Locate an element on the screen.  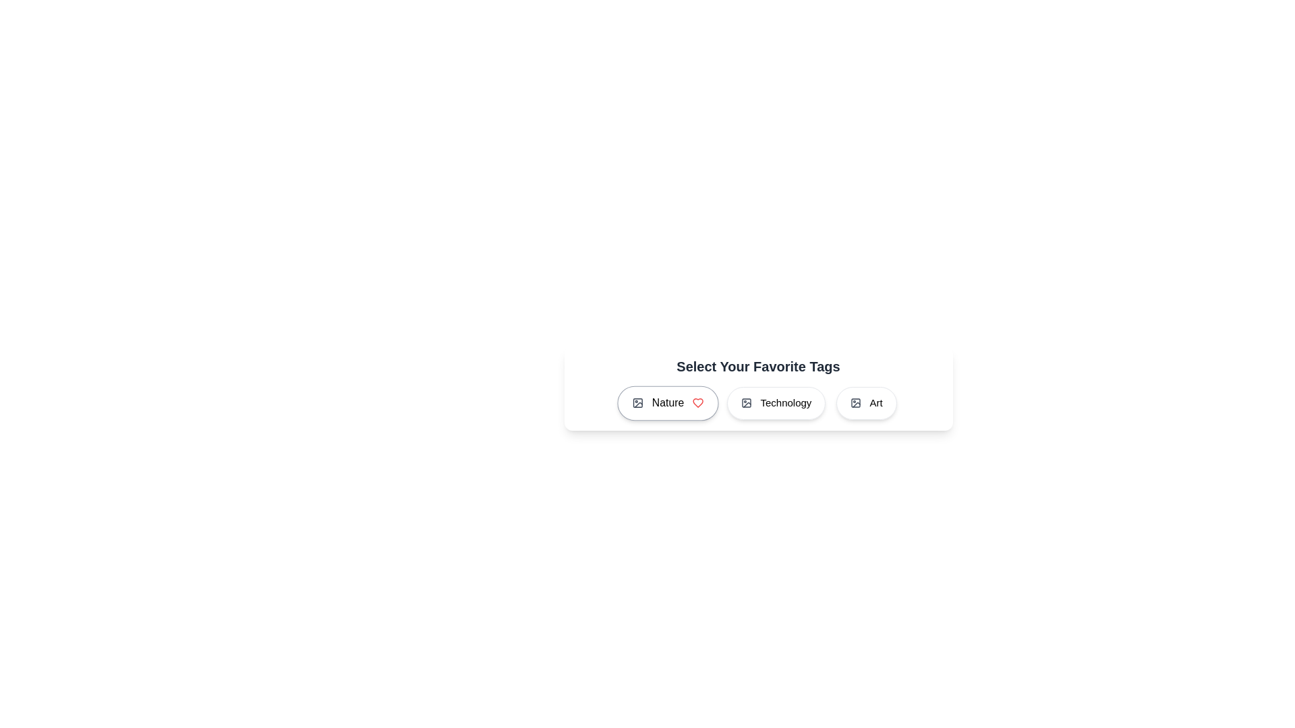
the tag Technology is located at coordinates (776, 402).